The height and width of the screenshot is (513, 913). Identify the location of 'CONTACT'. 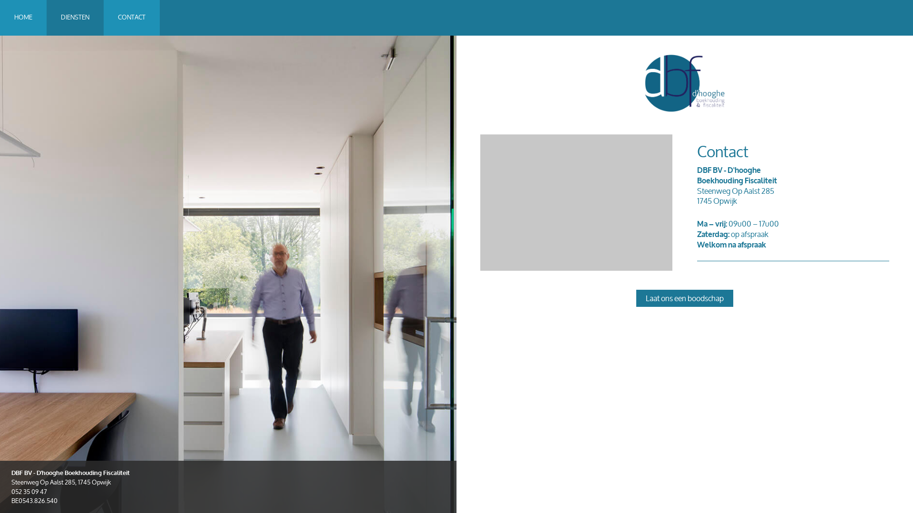
(131, 18).